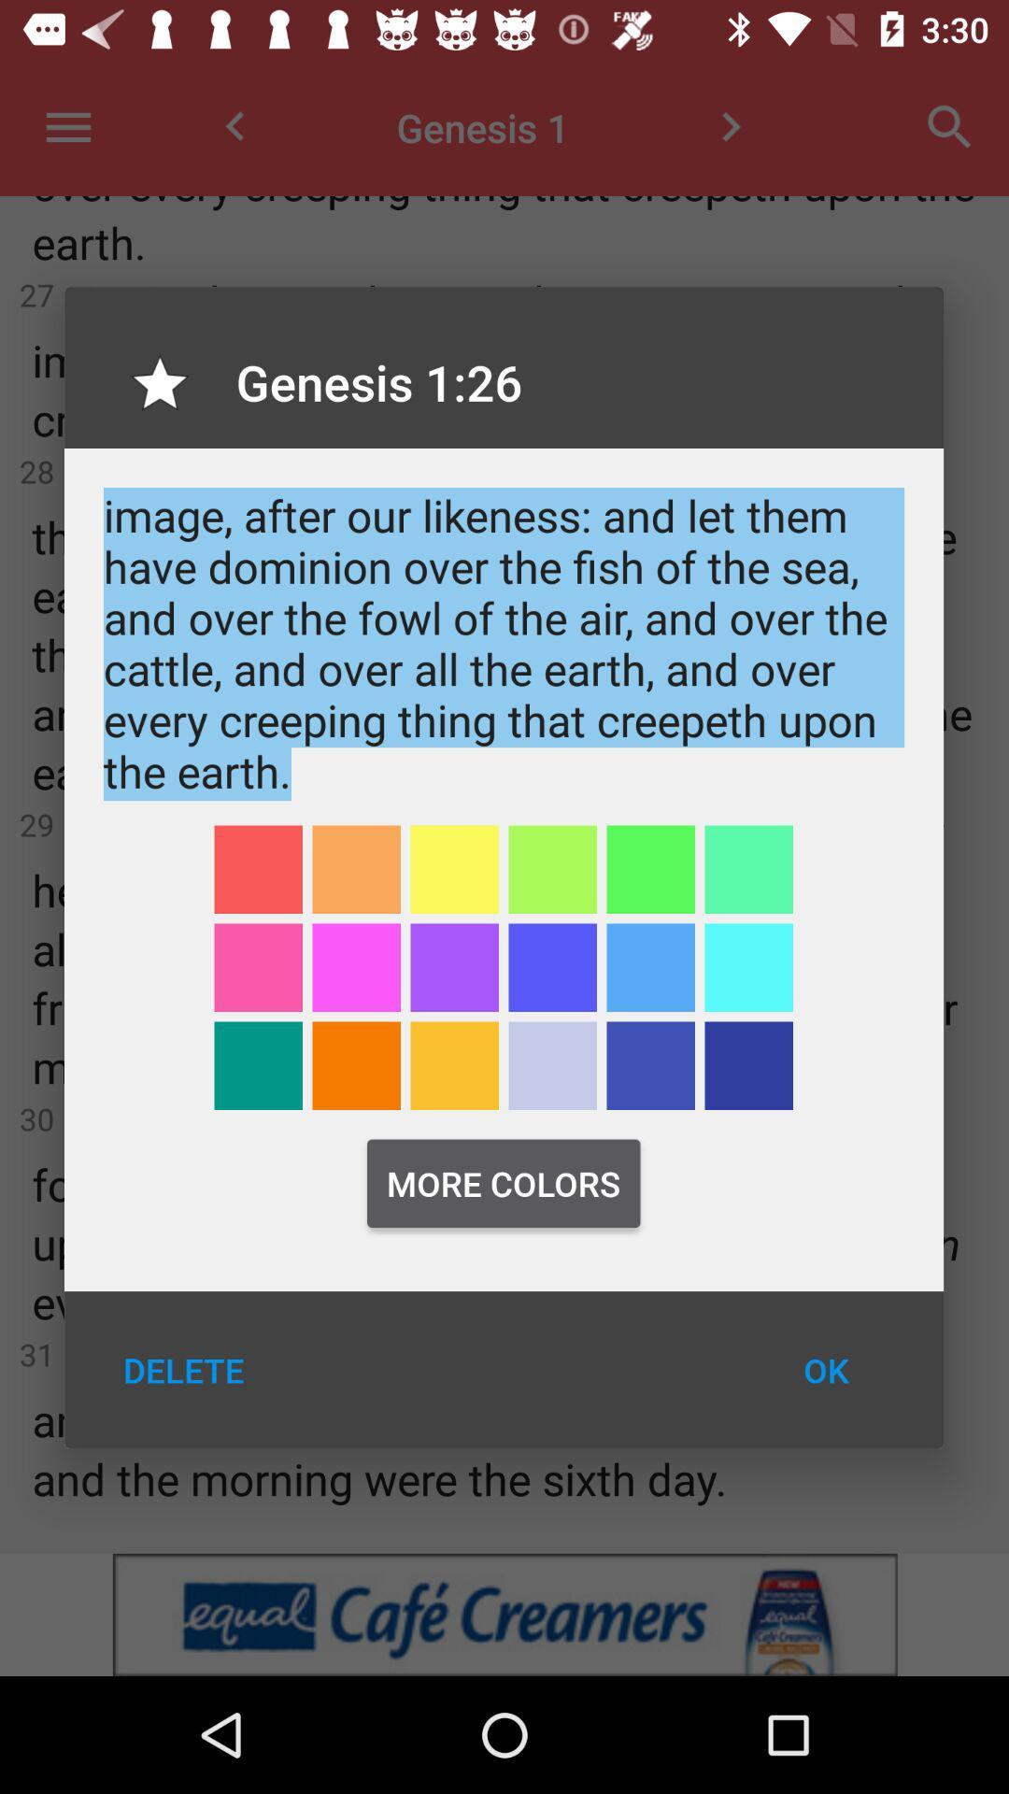 This screenshot has width=1009, height=1794. What do you see at coordinates (258, 868) in the screenshot?
I see `the item below the and god said item` at bounding box center [258, 868].